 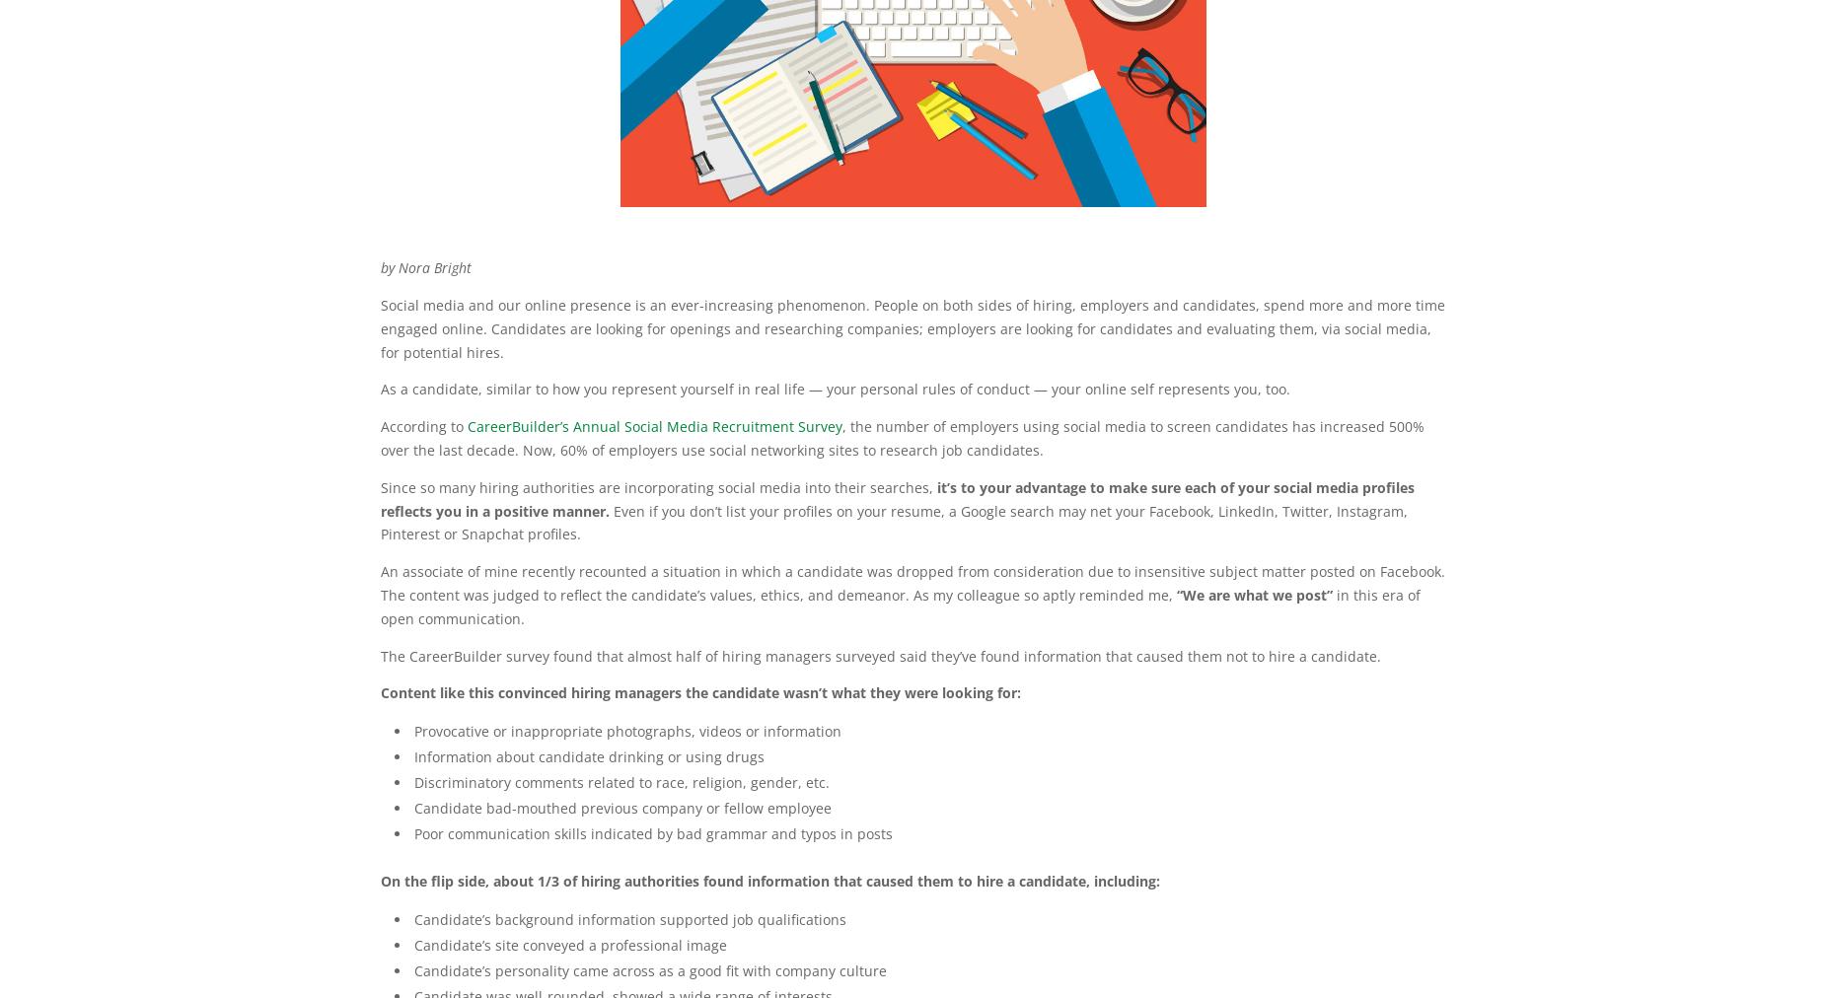 What do you see at coordinates (700, 692) in the screenshot?
I see `'Content like this convinced hiring managers the candidate wasn’t what they were looking for:'` at bounding box center [700, 692].